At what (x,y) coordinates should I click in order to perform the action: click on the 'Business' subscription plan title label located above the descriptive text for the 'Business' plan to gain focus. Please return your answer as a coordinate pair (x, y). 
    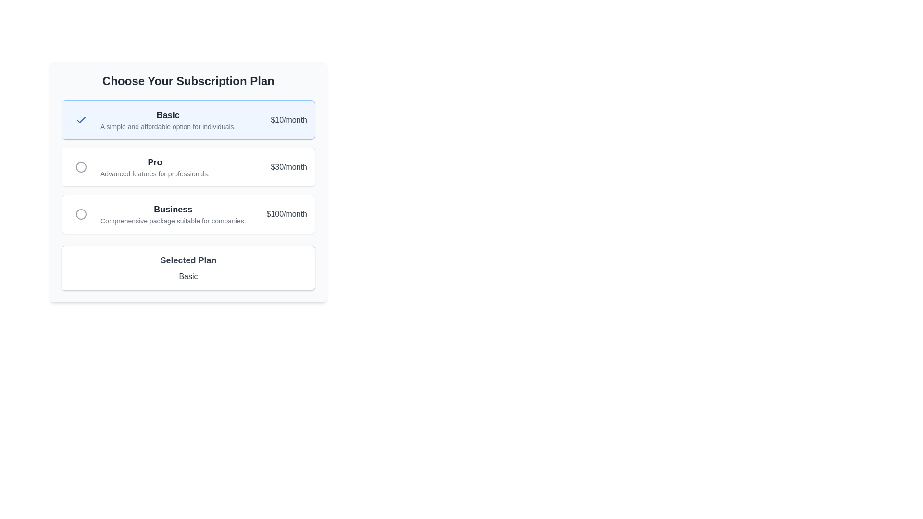
    Looking at the image, I should click on (173, 209).